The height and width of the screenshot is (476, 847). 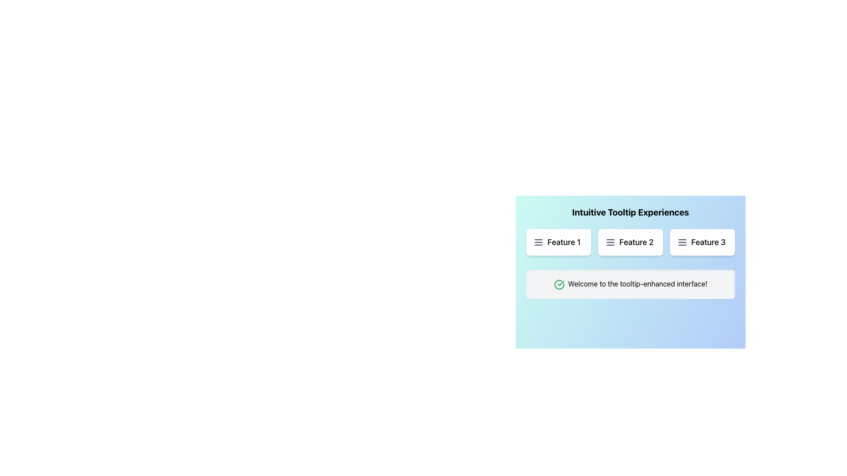 What do you see at coordinates (538, 242) in the screenshot?
I see `the menu icon represented by three horizontal lines, styled in gray, located to the left of the text 'Feature 1'` at bounding box center [538, 242].